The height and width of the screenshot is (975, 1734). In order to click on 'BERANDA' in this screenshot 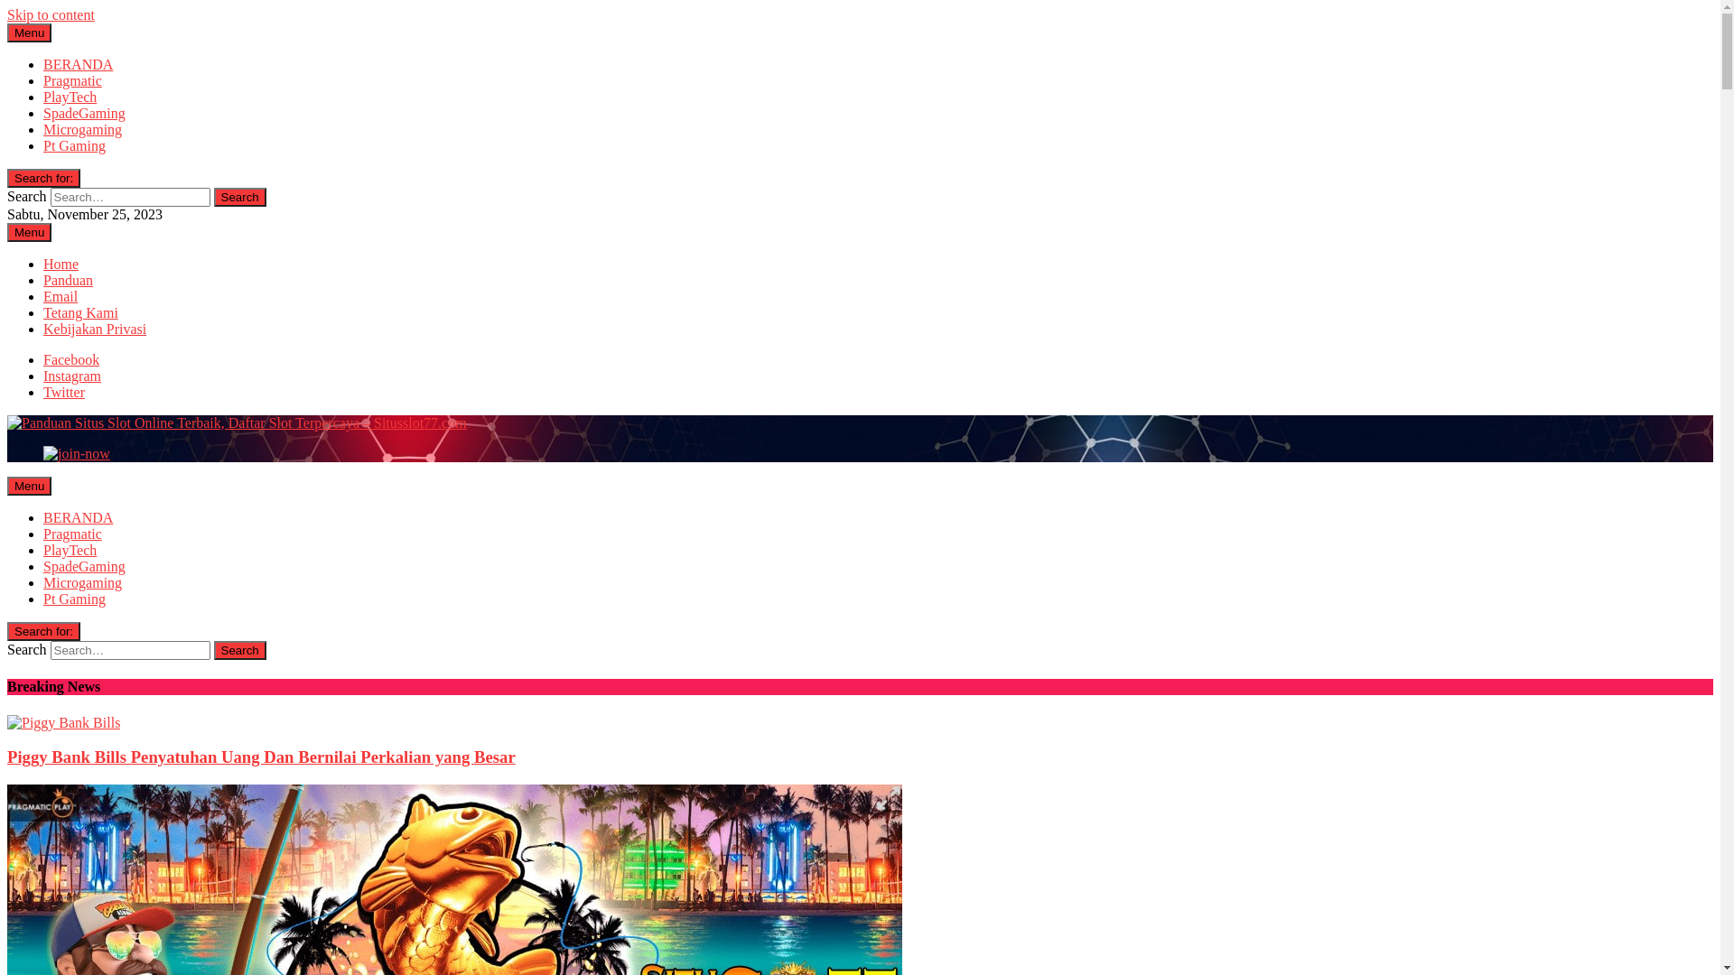, I will do `click(77, 63)`.